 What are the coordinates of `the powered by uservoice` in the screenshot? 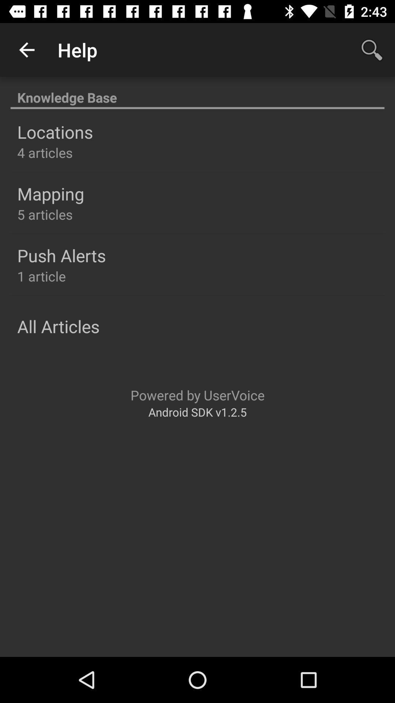 It's located at (197, 395).